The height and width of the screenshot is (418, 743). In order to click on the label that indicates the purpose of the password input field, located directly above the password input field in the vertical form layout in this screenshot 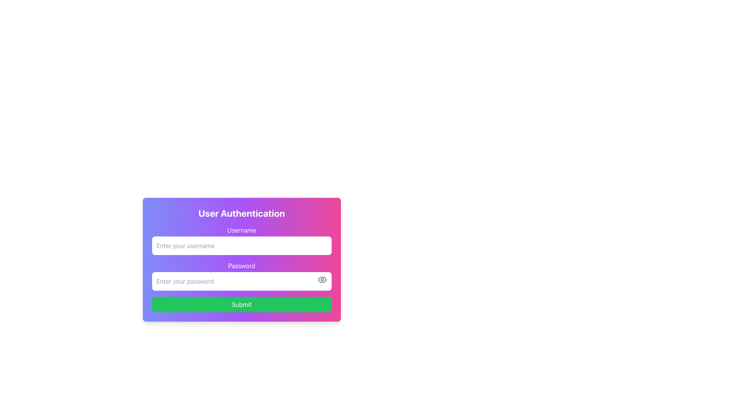, I will do `click(241, 265)`.